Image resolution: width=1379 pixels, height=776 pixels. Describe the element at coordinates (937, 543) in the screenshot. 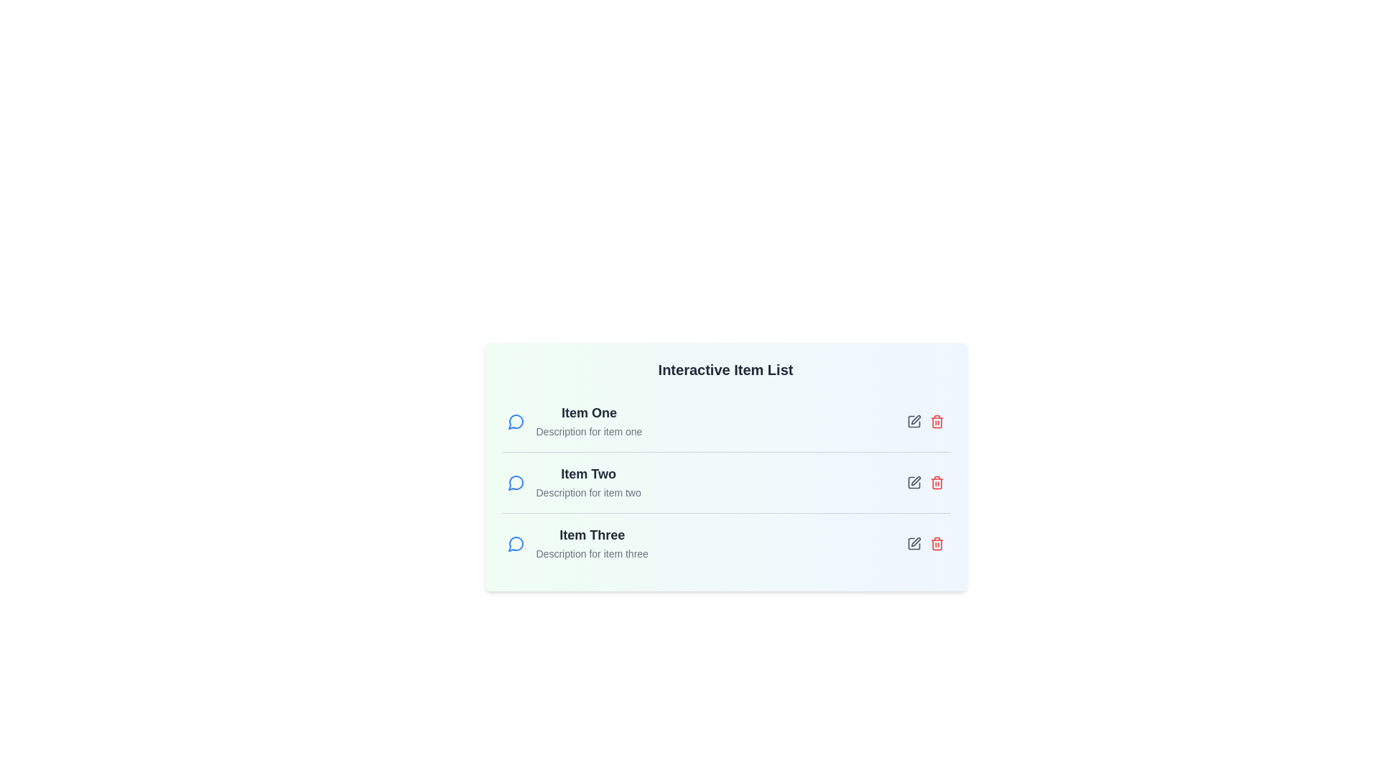

I see `the delete icon for the item Item Three` at that location.